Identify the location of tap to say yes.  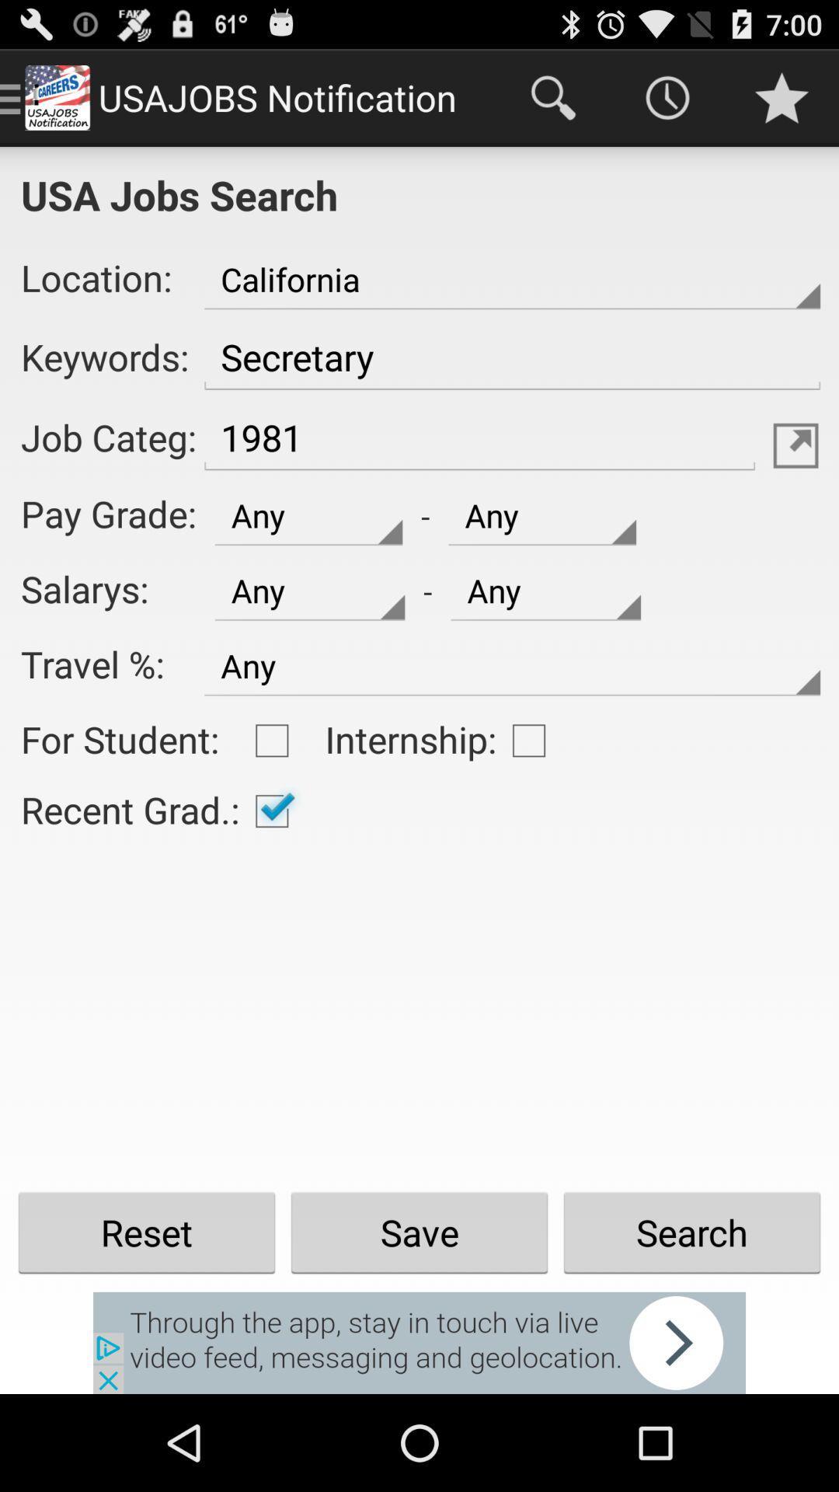
(271, 810).